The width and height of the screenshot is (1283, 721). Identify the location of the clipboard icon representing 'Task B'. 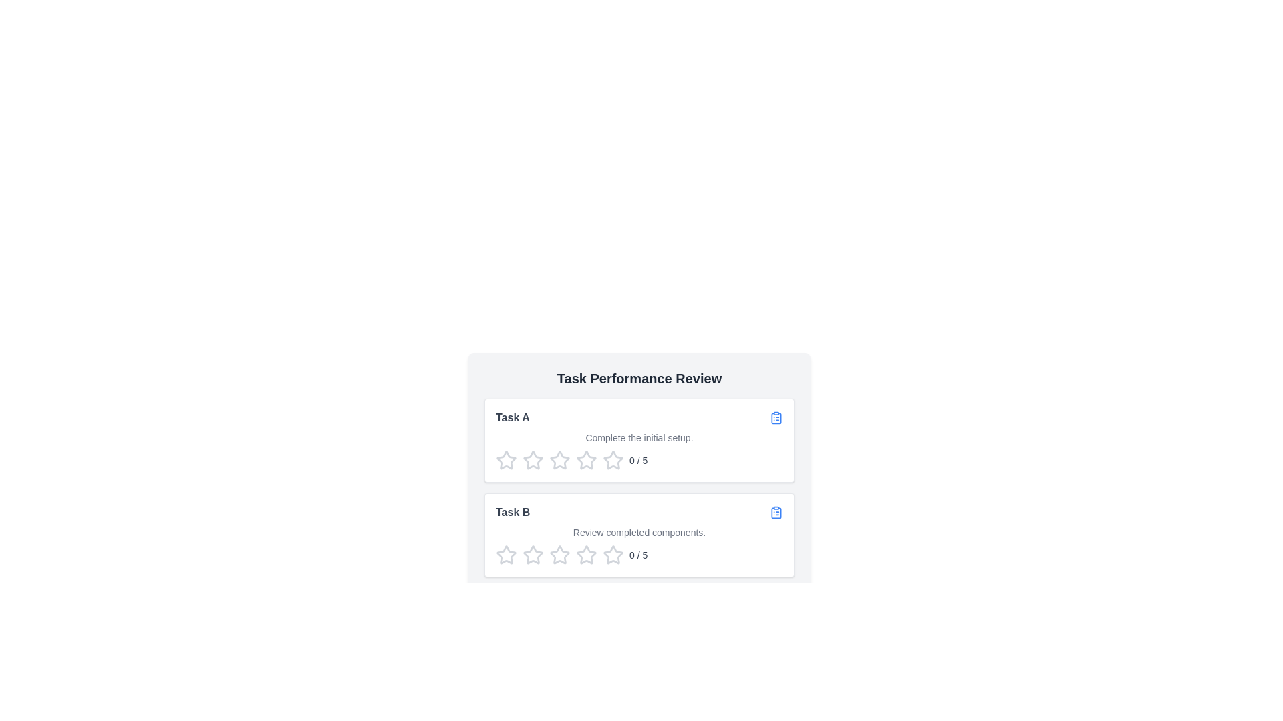
(776, 511).